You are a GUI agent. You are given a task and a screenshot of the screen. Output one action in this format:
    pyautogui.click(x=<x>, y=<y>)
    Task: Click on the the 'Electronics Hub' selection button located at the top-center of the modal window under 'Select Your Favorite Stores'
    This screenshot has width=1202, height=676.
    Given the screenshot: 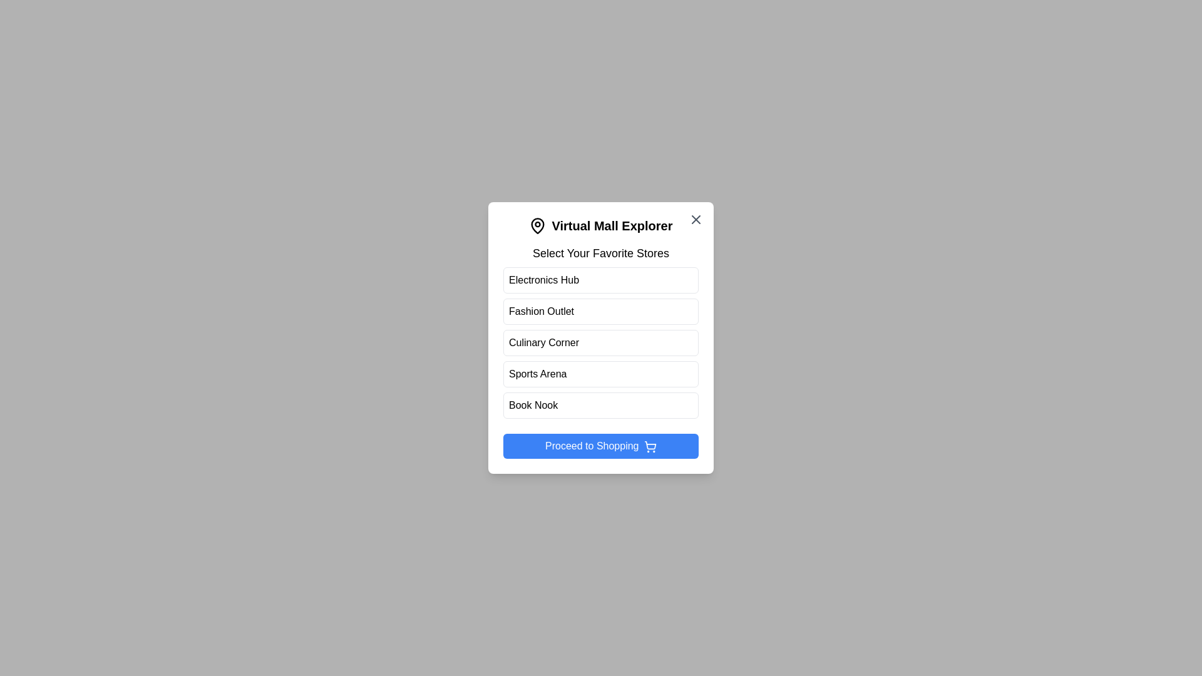 What is the action you would take?
    pyautogui.click(x=601, y=279)
    